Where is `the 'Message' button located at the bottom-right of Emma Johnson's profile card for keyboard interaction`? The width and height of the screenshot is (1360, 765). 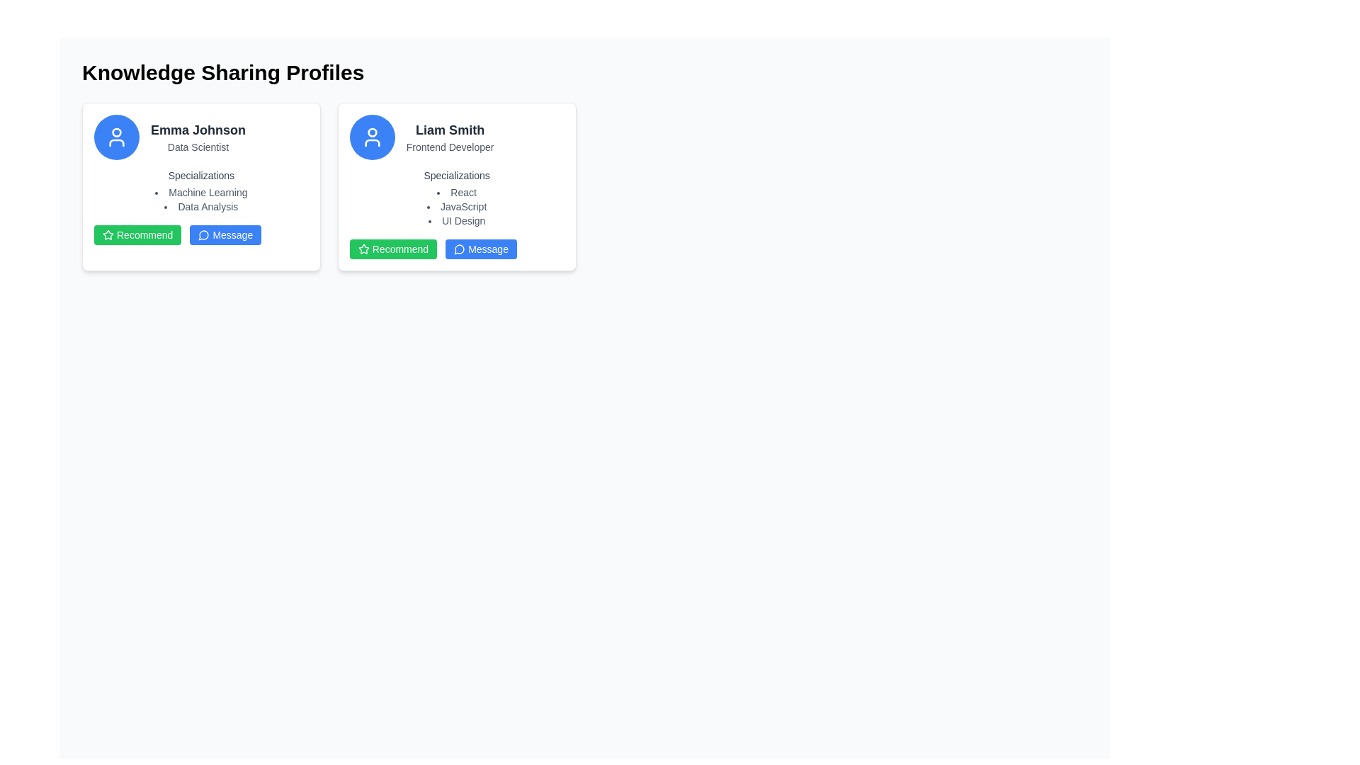 the 'Message' button located at the bottom-right of Emma Johnson's profile card for keyboard interaction is located at coordinates (200, 234).